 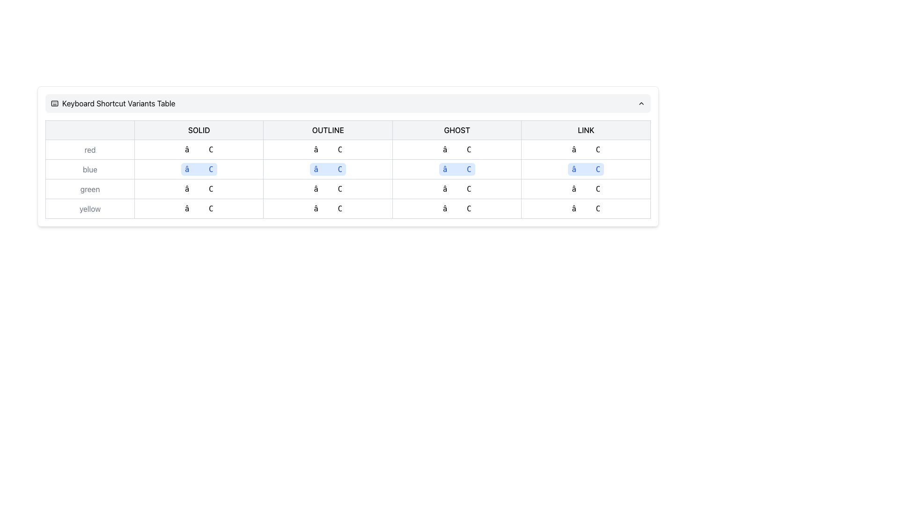 I want to click on the button-like visual representation labeled '⌘ C' in the second row 'blue' and first column 'SOLID', so click(x=199, y=169).